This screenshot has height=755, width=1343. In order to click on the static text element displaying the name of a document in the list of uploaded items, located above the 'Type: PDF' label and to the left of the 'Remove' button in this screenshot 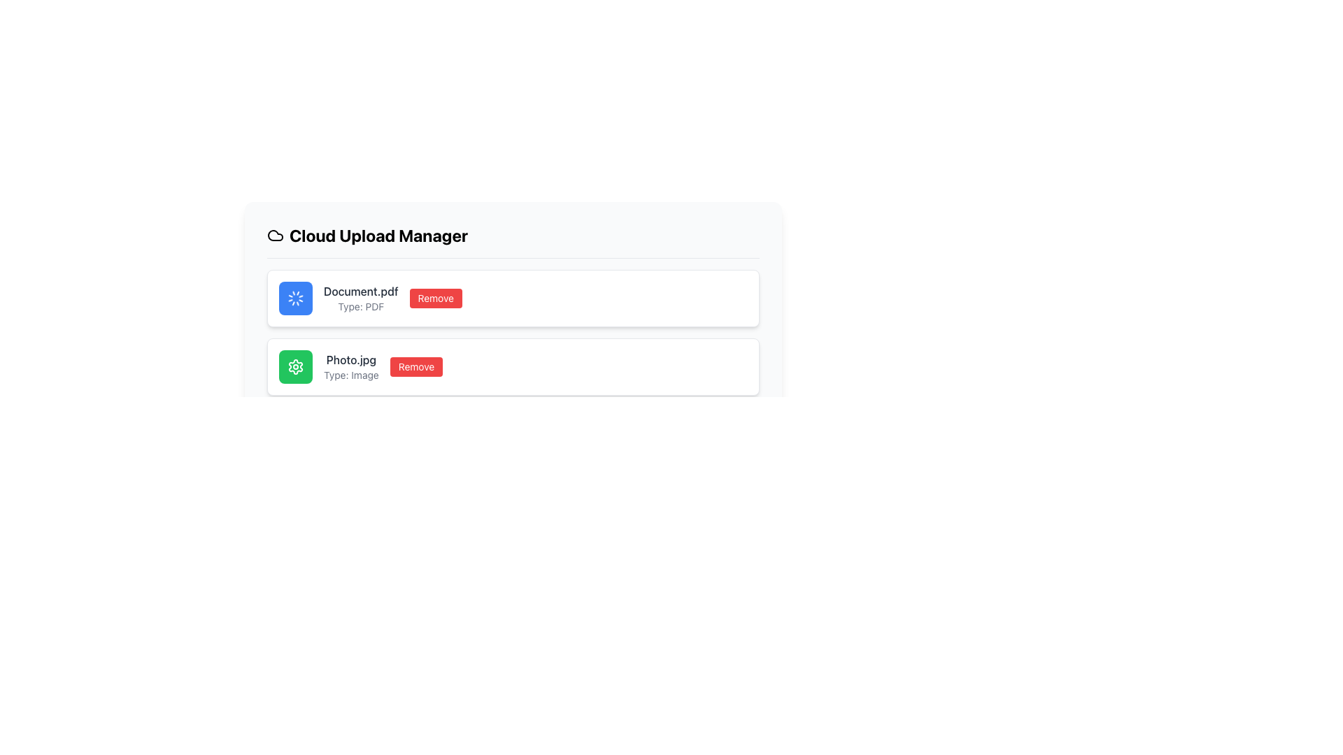, I will do `click(361, 290)`.